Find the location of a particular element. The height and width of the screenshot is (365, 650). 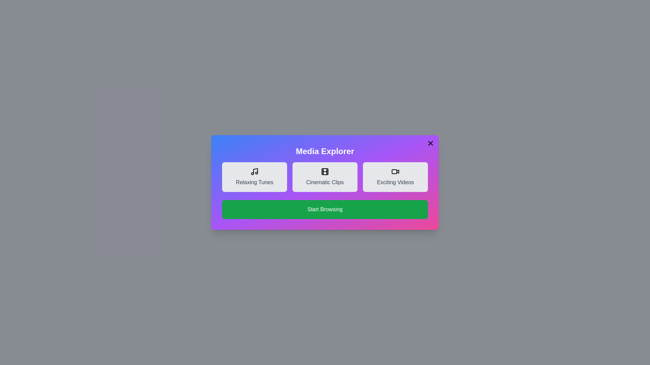

the media item Cinematic Clips is located at coordinates (325, 177).